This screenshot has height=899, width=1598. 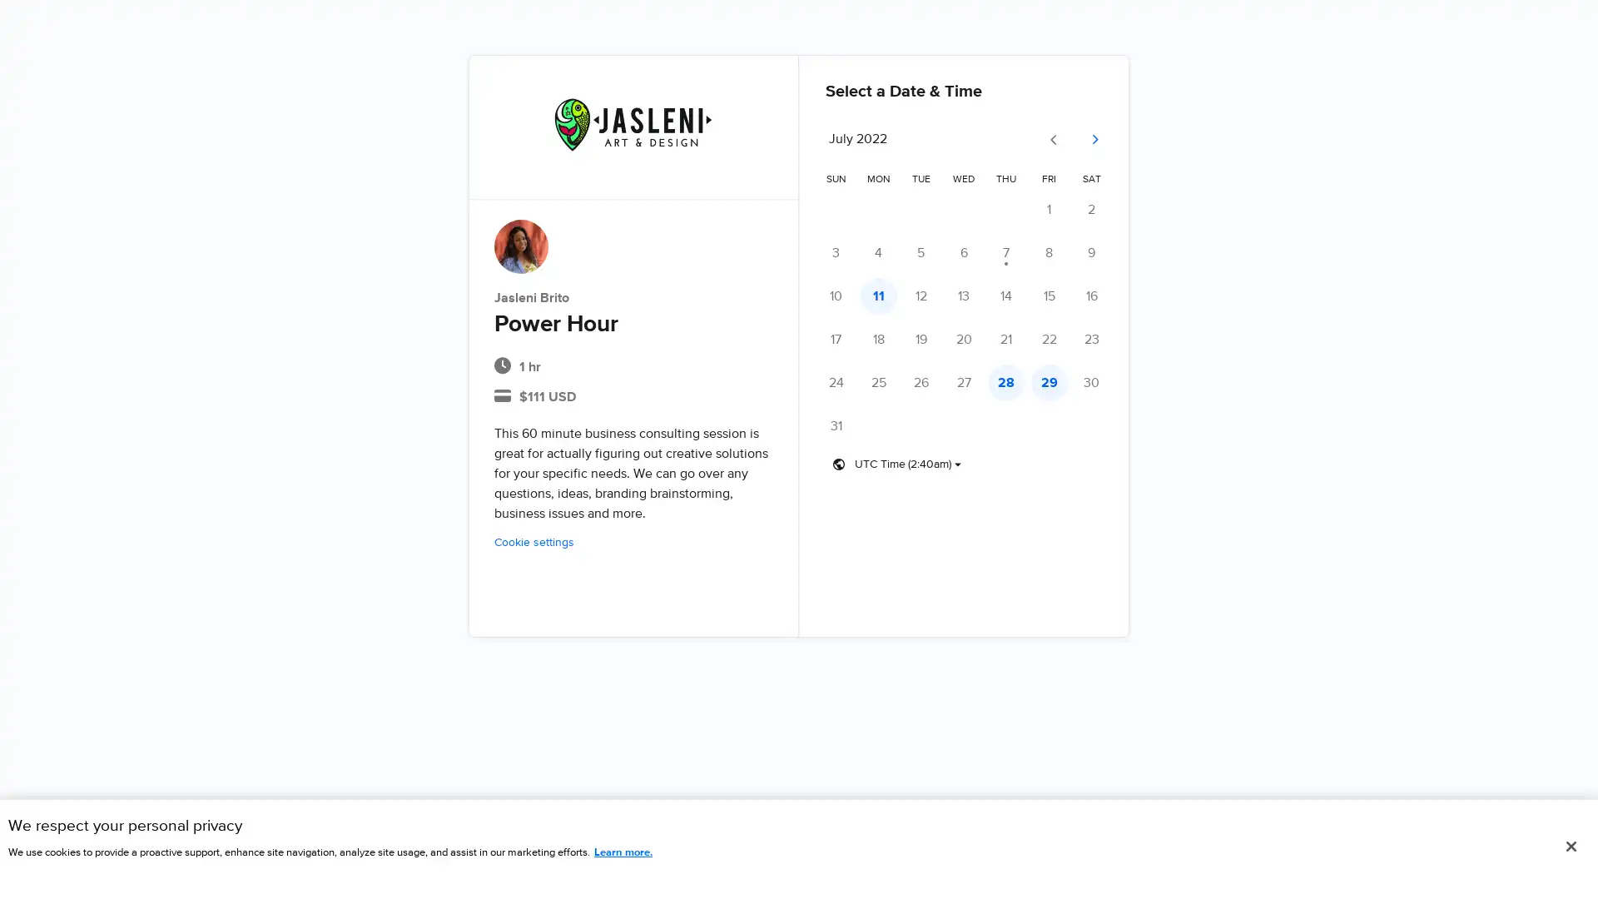 I want to click on Wednesday, July 6 - No times available, so click(x=964, y=253).